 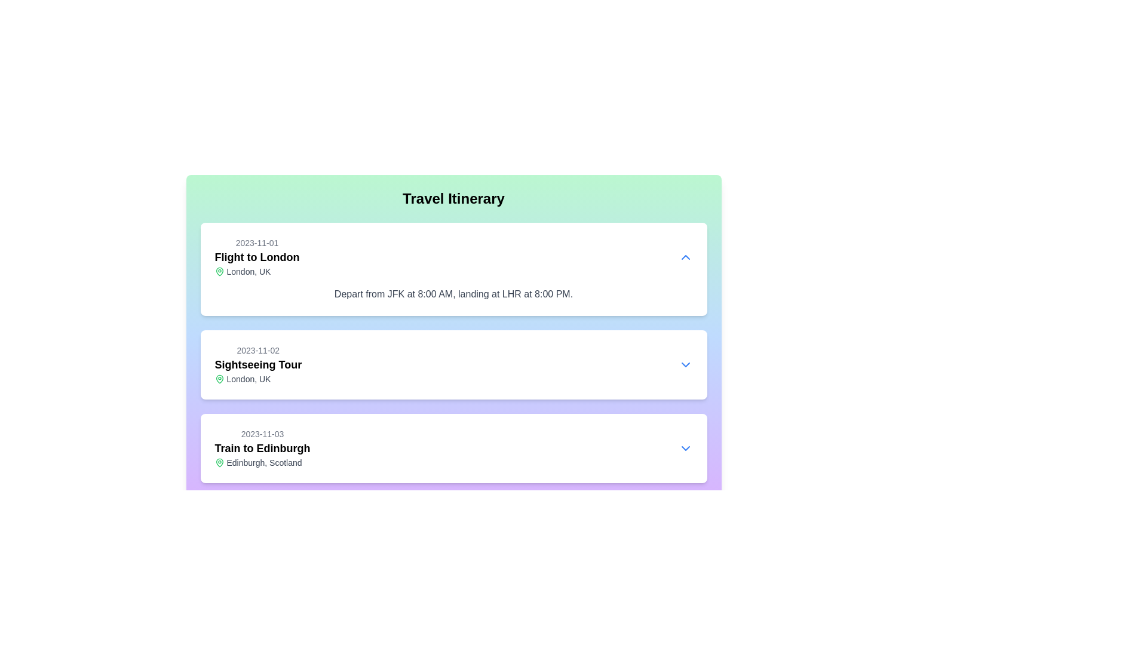 I want to click on the Text label that provides location information for the 'Train to Edinburgh' itinerary entry, which is positioned adjacent to a green map pin icon at the bottom of the itinerary list, so click(x=263, y=462).